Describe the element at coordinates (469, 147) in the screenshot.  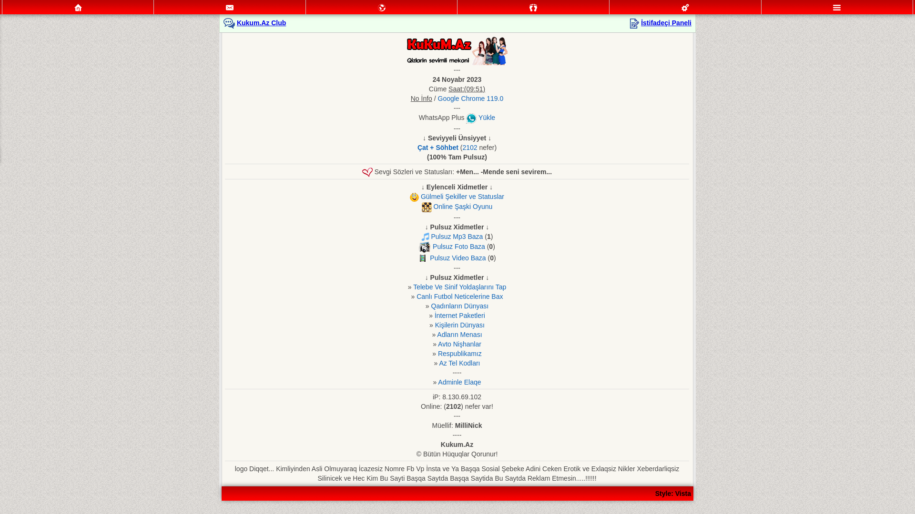
I see `'2102'` at that location.